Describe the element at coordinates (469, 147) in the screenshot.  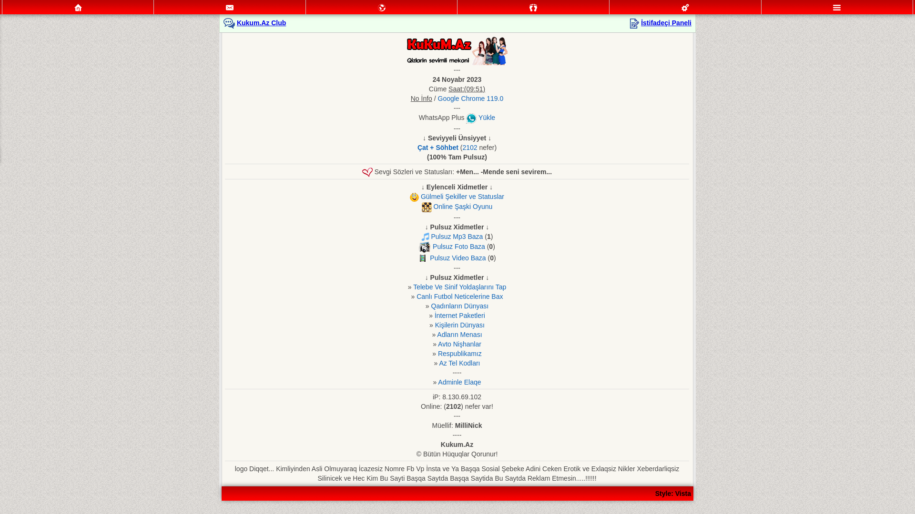
I see `'2102'` at that location.